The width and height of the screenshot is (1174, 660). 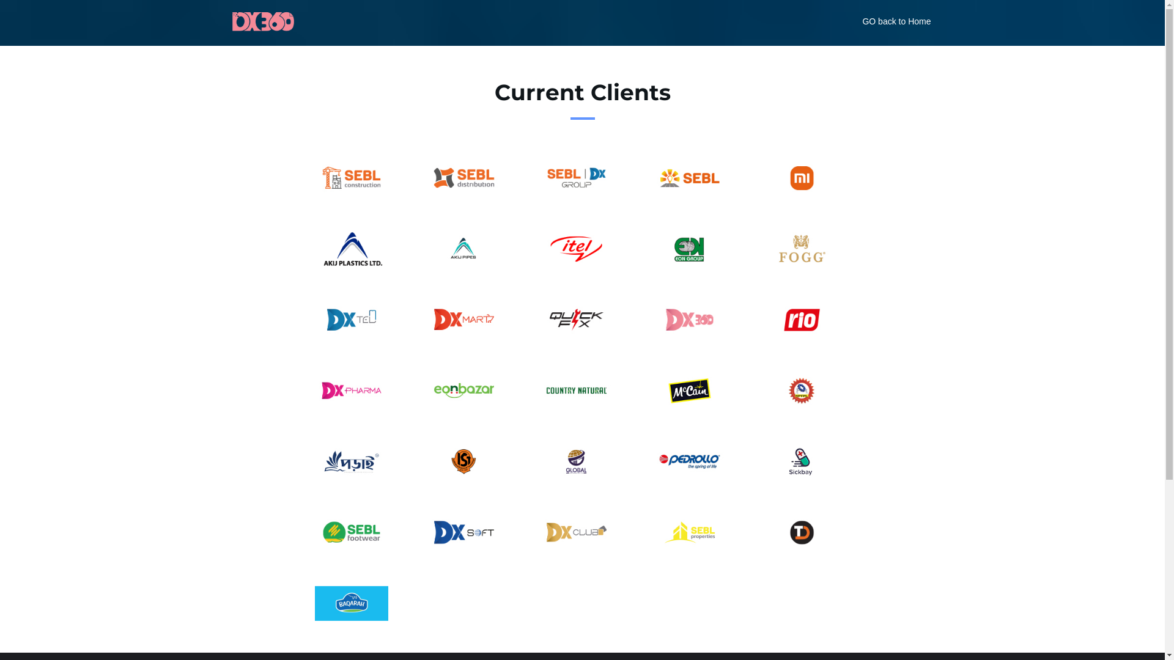 What do you see at coordinates (896, 21) in the screenshot?
I see `'GO back to Home'` at bounding box center [896, 21].